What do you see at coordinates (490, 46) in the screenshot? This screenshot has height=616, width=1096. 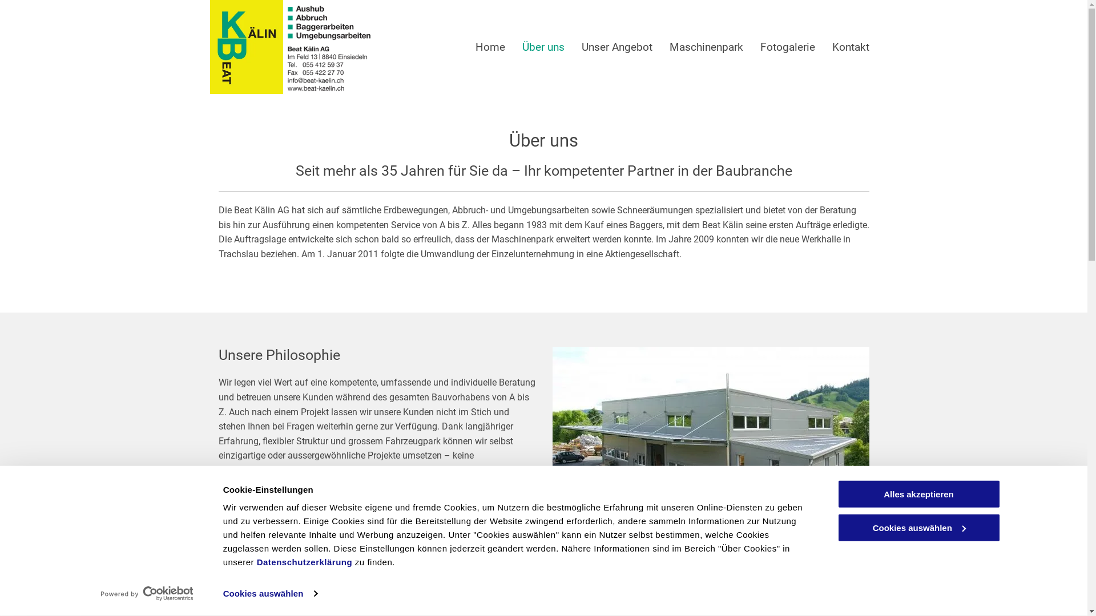 I see `'Home'` at bounding box center [490, 46].